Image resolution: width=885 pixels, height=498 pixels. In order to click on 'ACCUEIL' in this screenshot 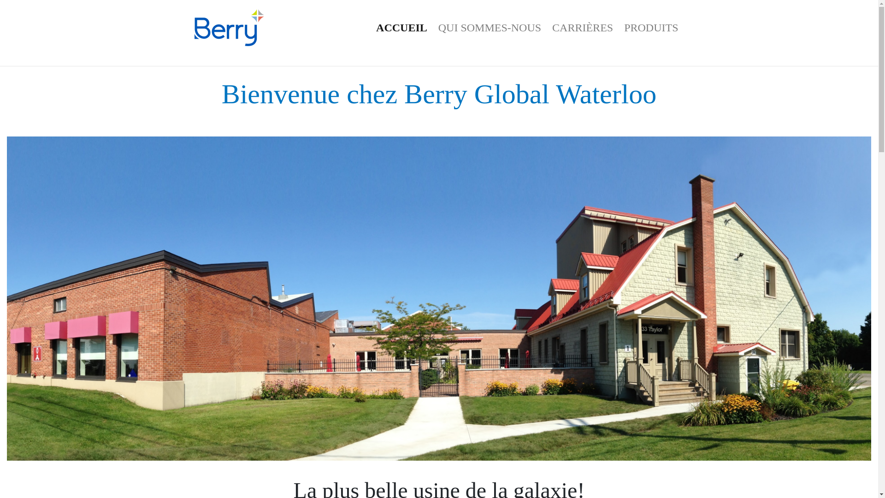, I will do `click(371, 27)`.